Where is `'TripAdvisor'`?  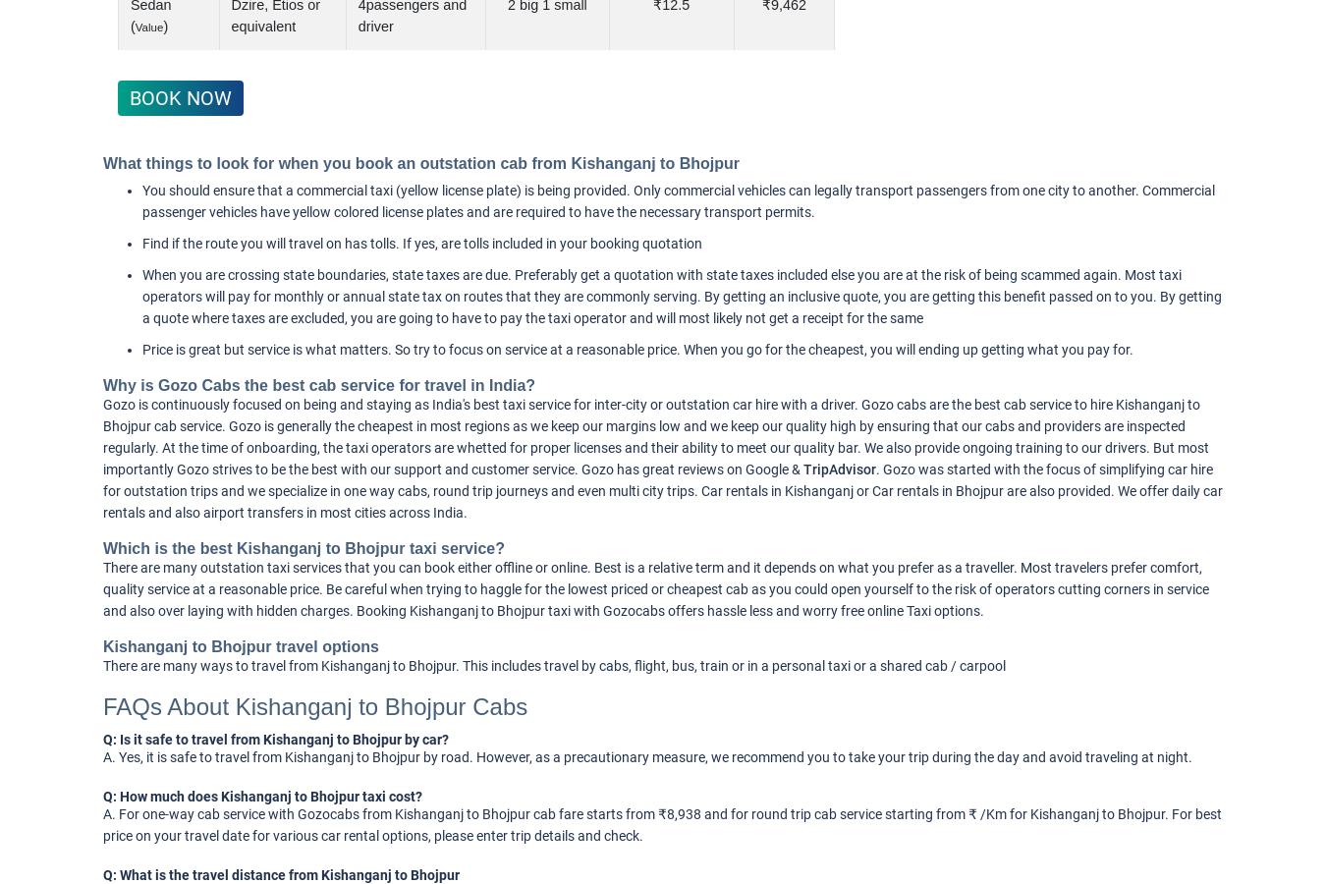 'TripAdvisor' is located at coordinates (839, 469).